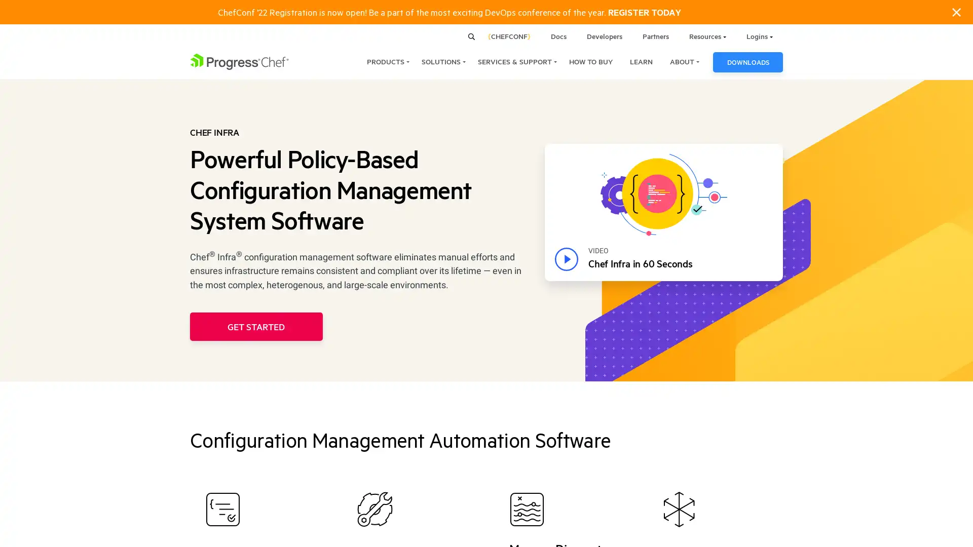  I want to click on COOKIES SETTINGS, so click(919, 527).